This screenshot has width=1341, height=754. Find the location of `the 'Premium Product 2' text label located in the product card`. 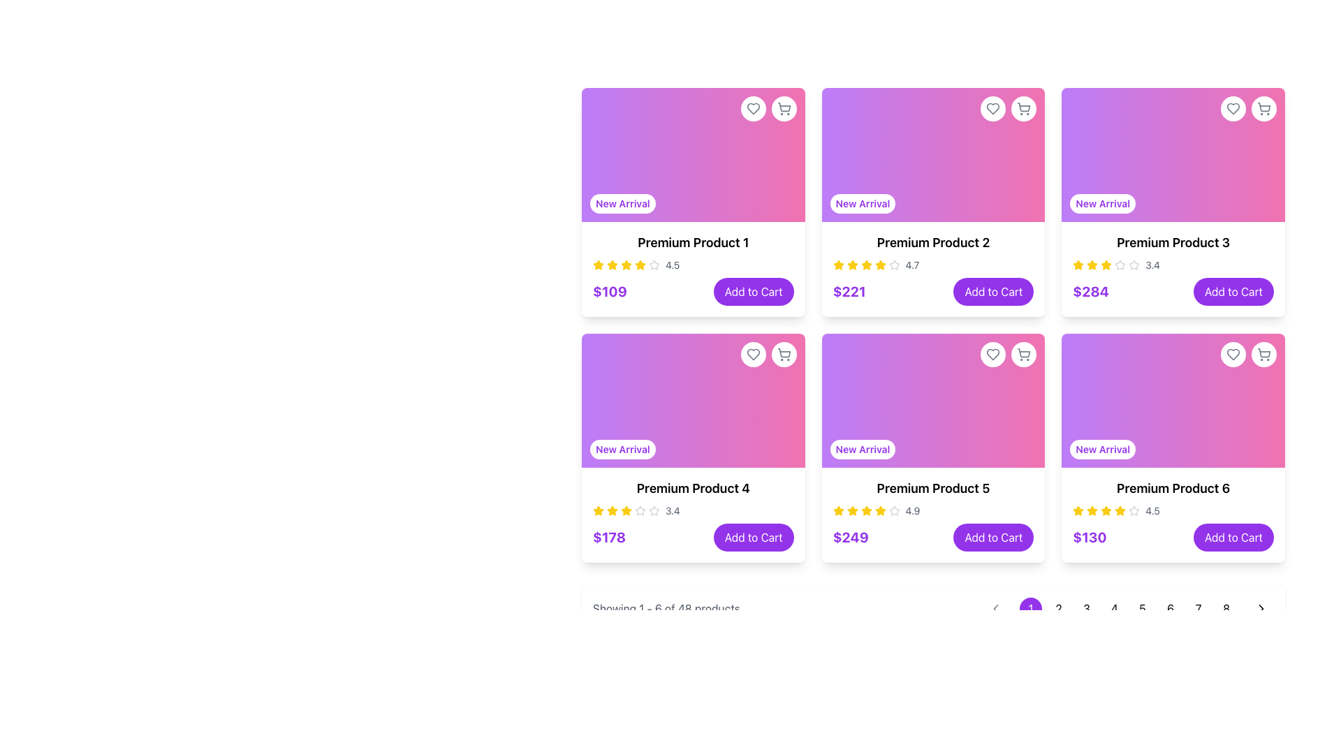

the 'Premium Product 2' text label located in the product card is located at coordinates (932, 242).